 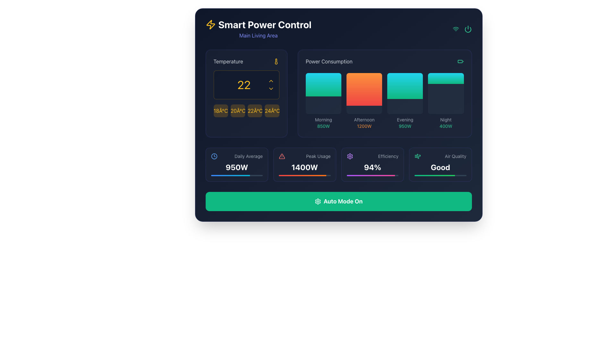 I want to click on the amber yellow thermometer icon located in the 'Temperature' section above the displayed temperature value ('22'), so click(x=276, y=62).